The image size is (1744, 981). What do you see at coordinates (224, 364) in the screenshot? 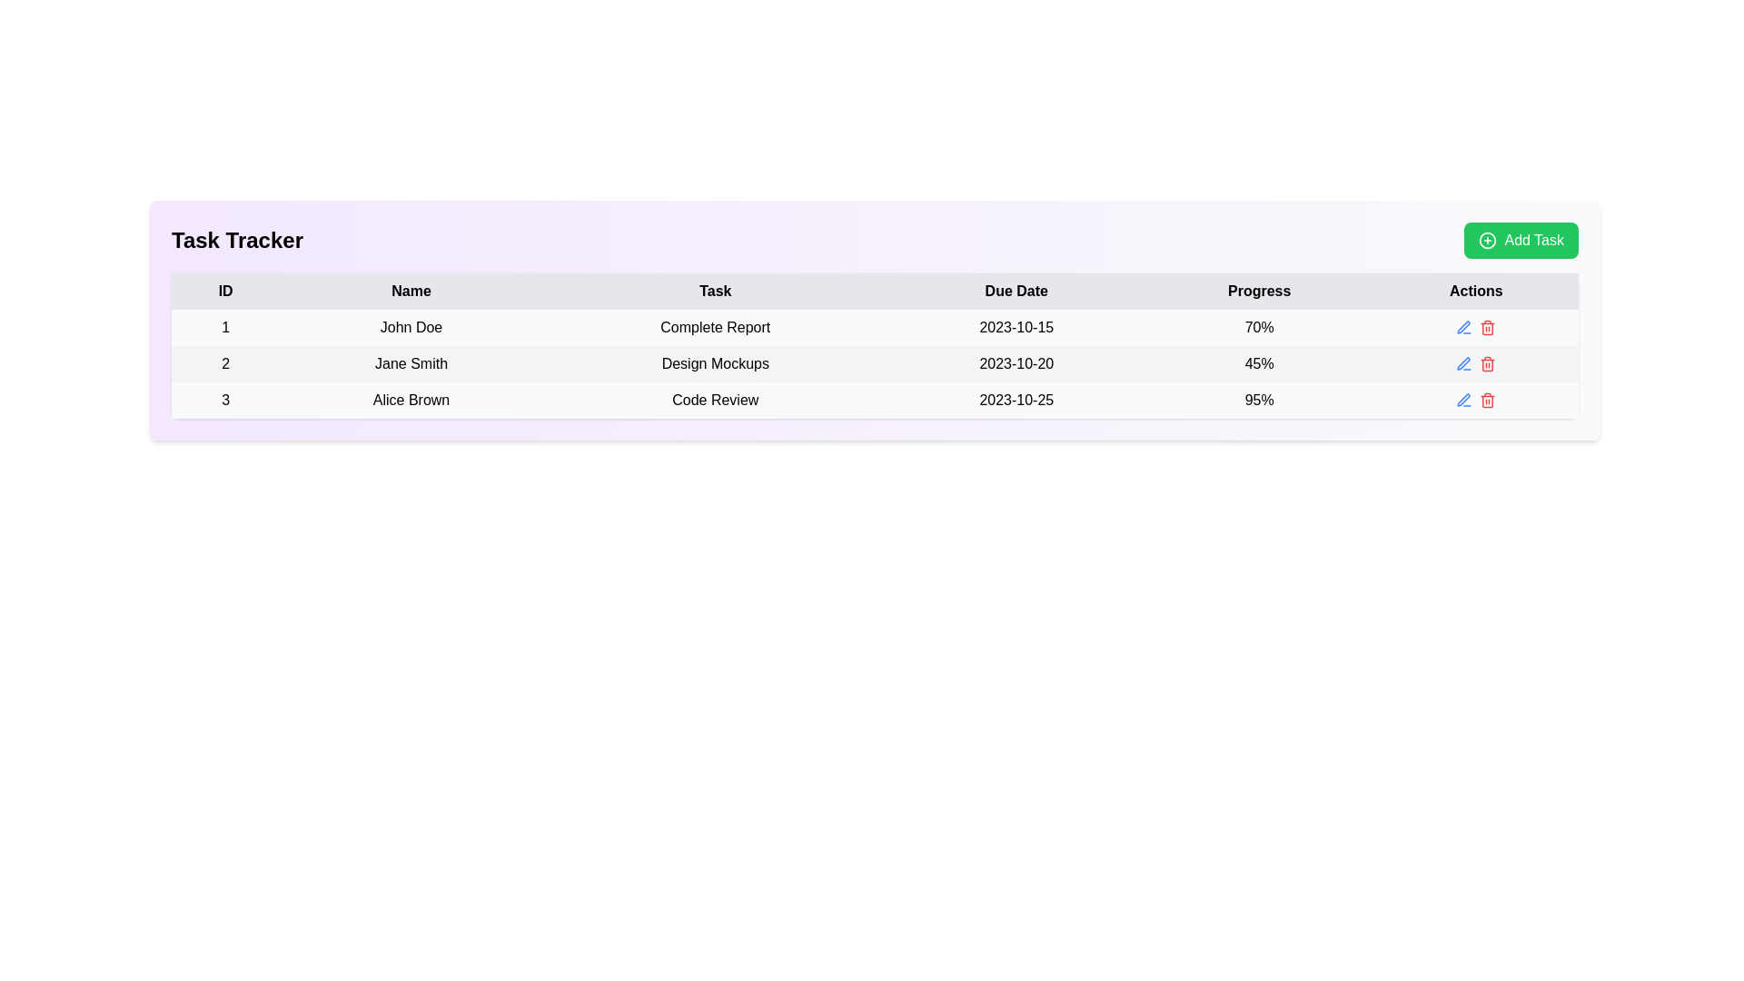
I see `number displayed in the table cell that contains the text '2', which is in the first column of the second row identified by 'Jane Smith'` at bounding box center [224, 364].